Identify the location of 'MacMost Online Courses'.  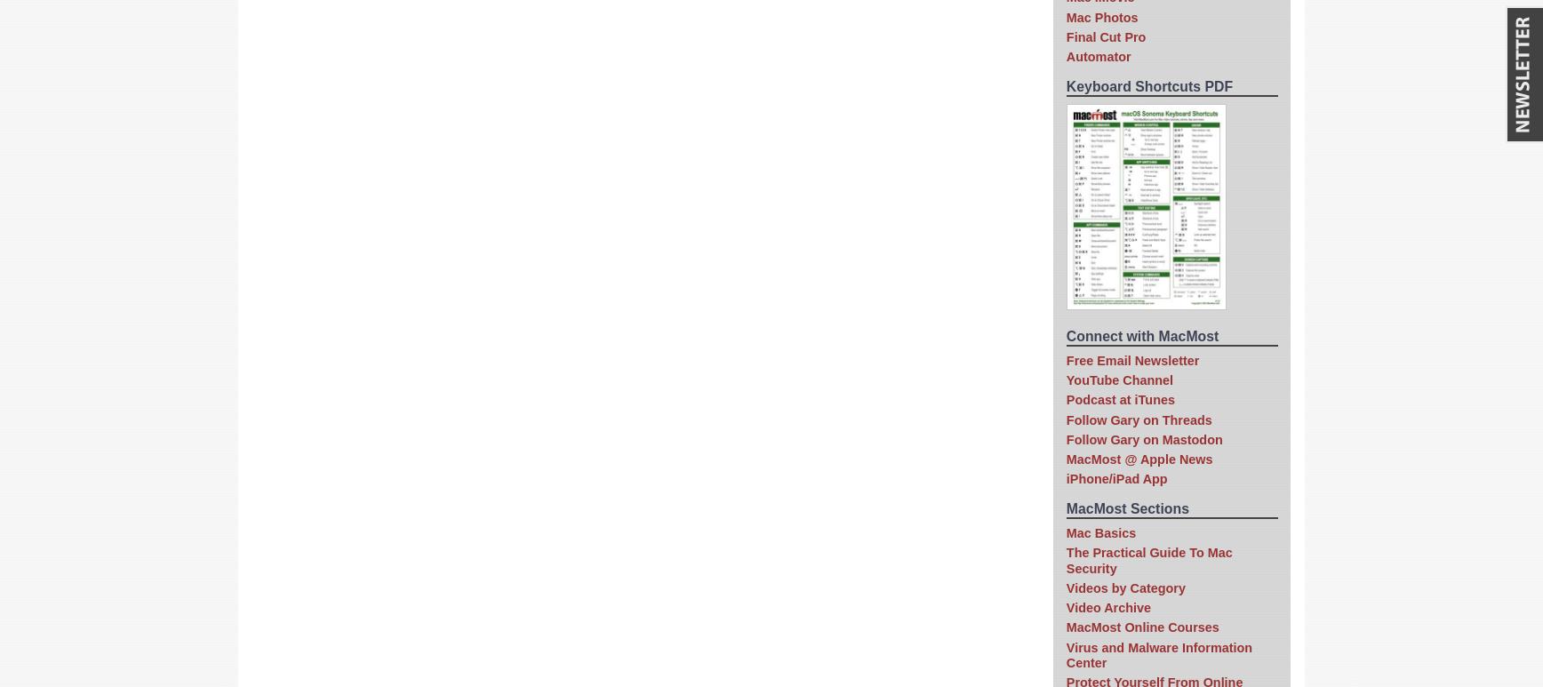
(1066, 627).